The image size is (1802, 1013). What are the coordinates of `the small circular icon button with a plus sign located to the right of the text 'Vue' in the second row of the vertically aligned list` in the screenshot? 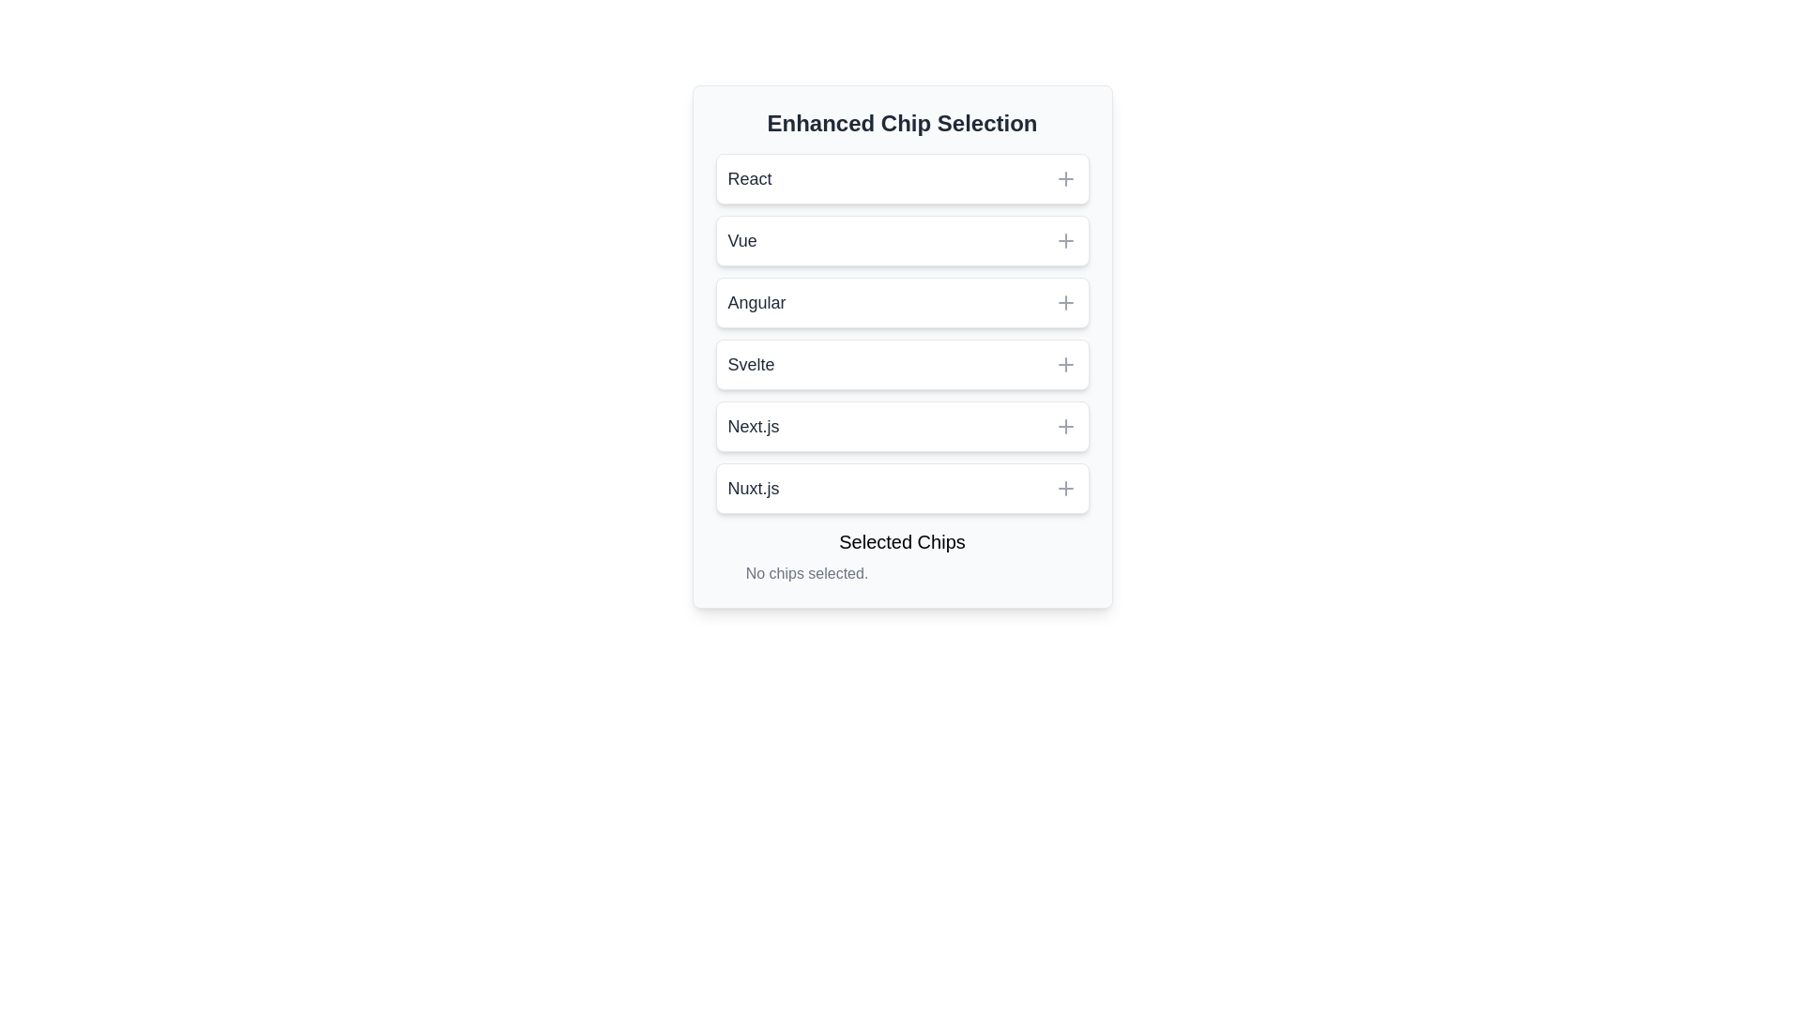 It's located at (1065, 240).